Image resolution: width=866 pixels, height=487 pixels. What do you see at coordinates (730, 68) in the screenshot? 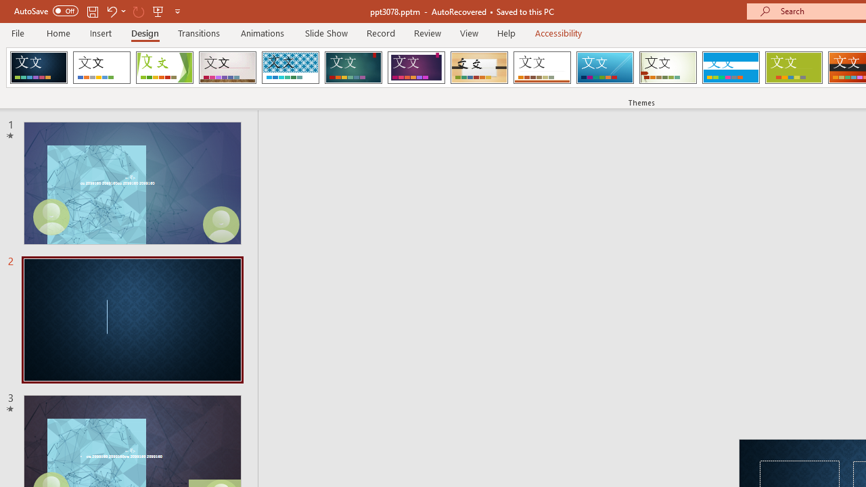
I see `'Banded'` at bounding box center [730, 68].